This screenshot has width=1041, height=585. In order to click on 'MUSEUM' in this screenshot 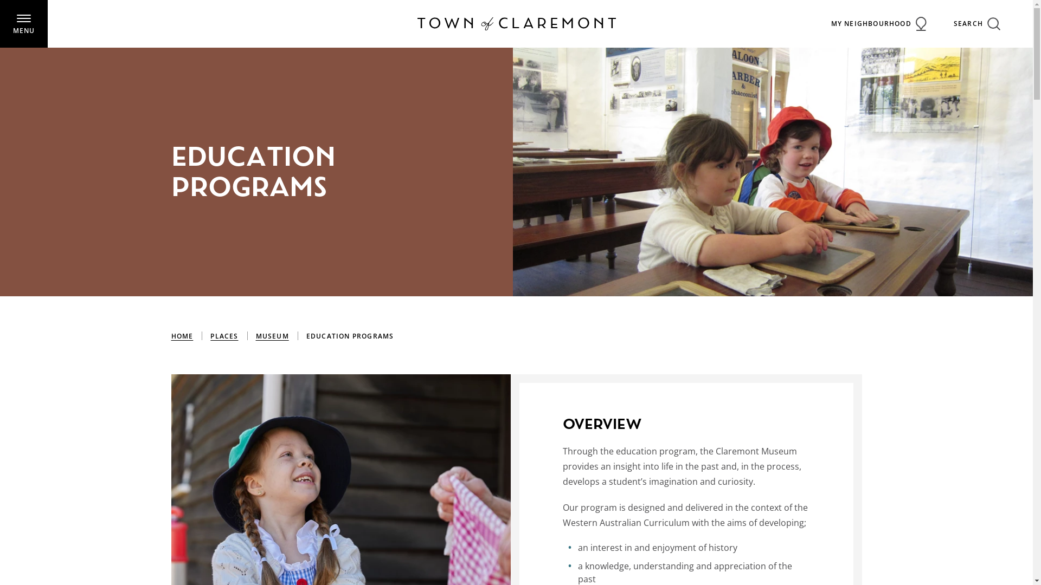, I will do `click(272, 336)`.